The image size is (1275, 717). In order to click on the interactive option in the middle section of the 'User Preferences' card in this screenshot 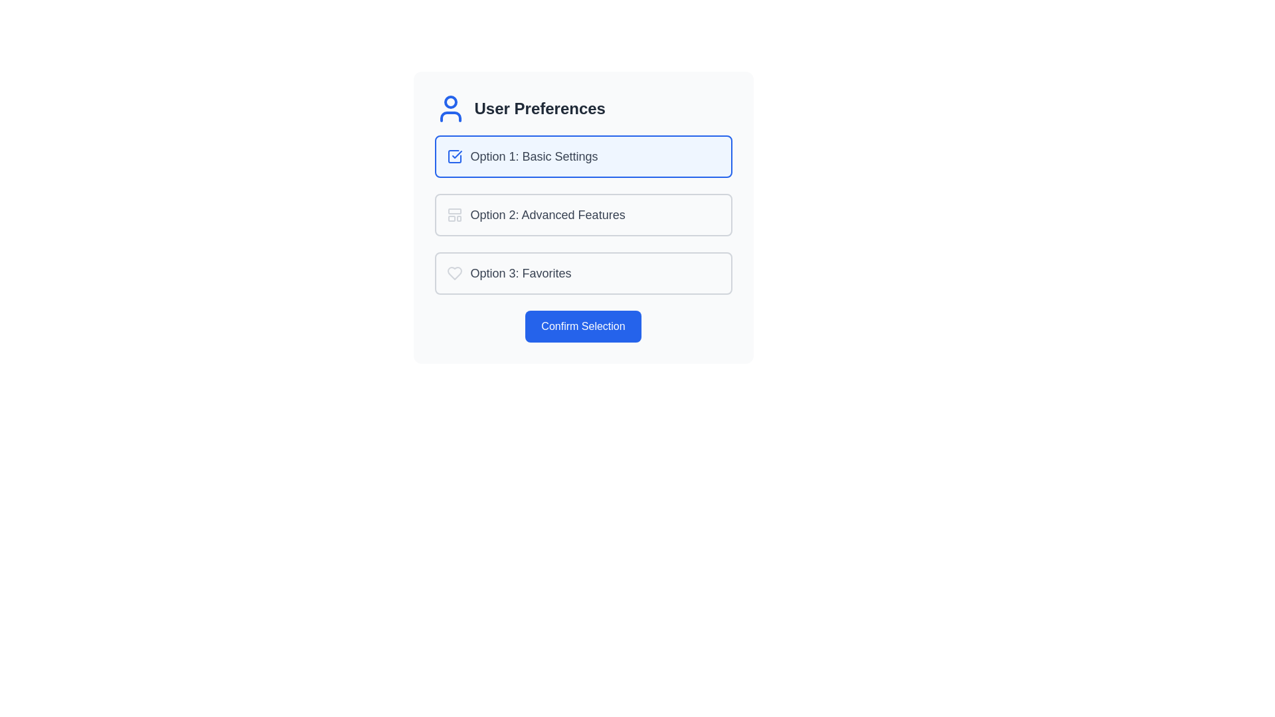, I will do `click(583, 214)`.